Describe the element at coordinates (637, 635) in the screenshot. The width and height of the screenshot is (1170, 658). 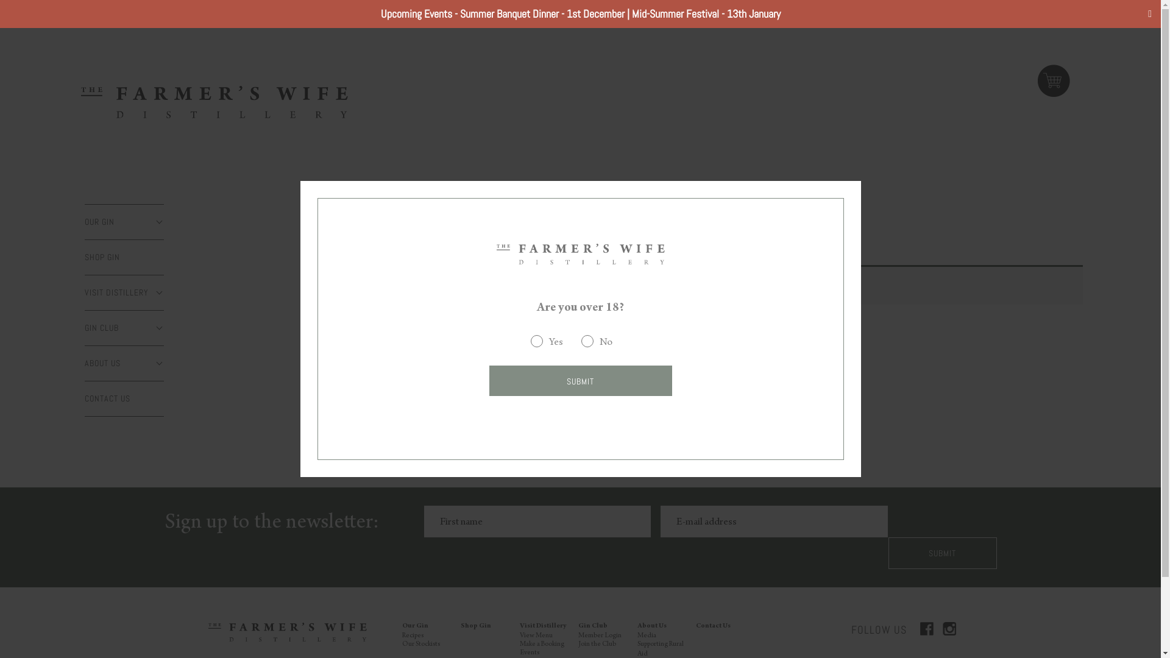
I see `'Media'` at that location.